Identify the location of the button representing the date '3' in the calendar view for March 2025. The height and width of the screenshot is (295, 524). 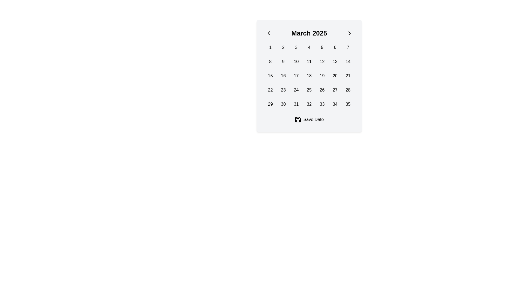
(296, 47).